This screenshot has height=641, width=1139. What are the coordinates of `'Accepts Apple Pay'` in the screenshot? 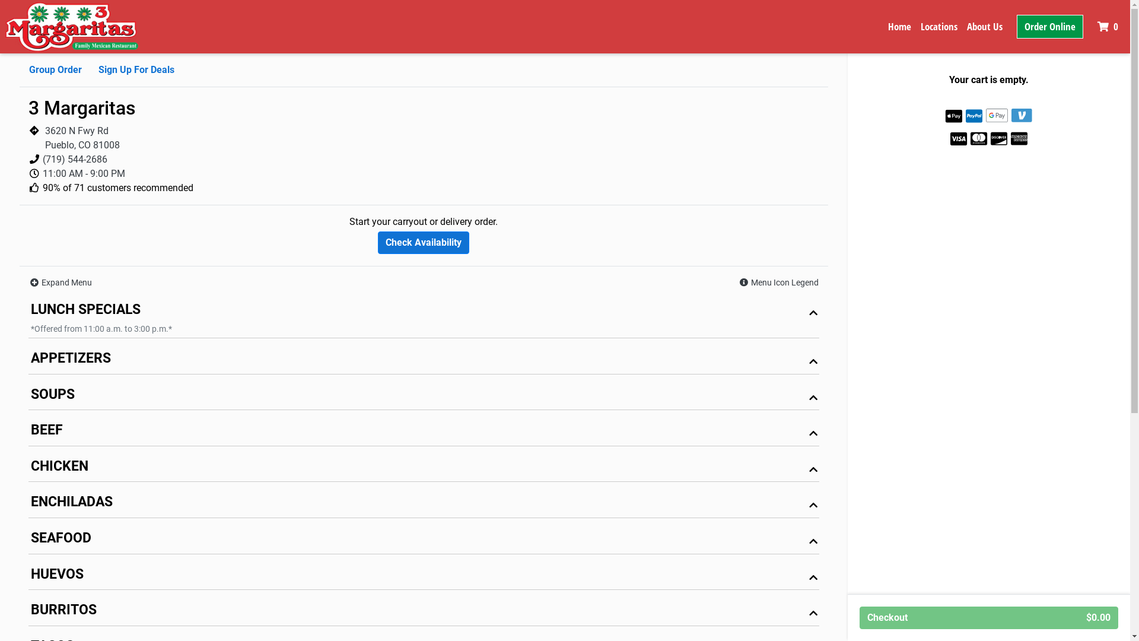 It's located at (954, 116).